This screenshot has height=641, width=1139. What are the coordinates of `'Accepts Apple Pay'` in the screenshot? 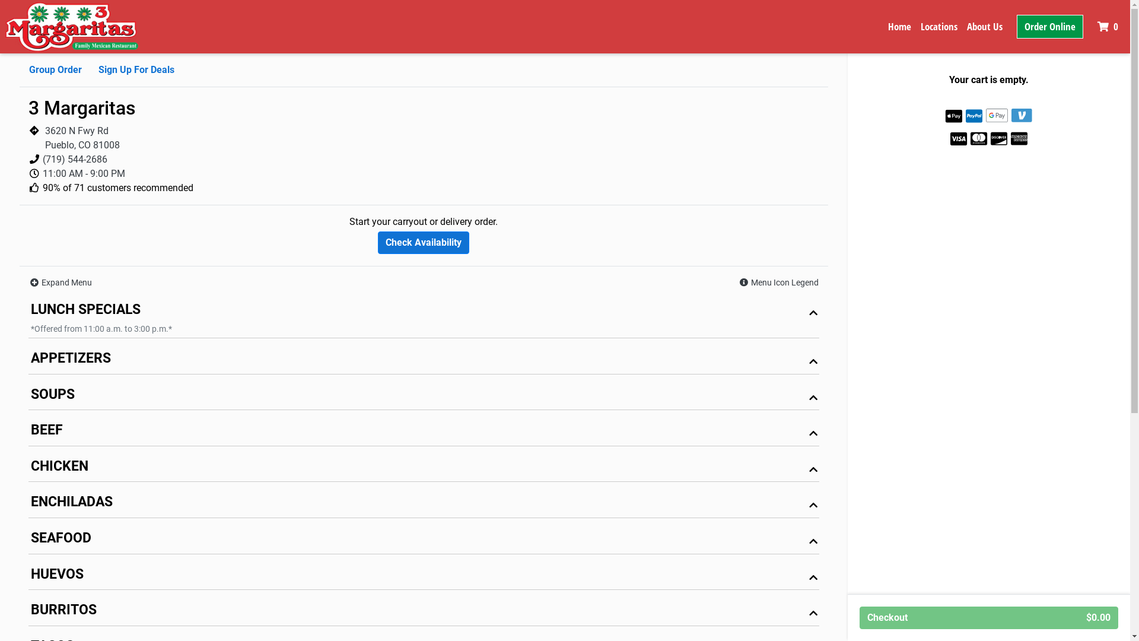 It's located at (954, 116).